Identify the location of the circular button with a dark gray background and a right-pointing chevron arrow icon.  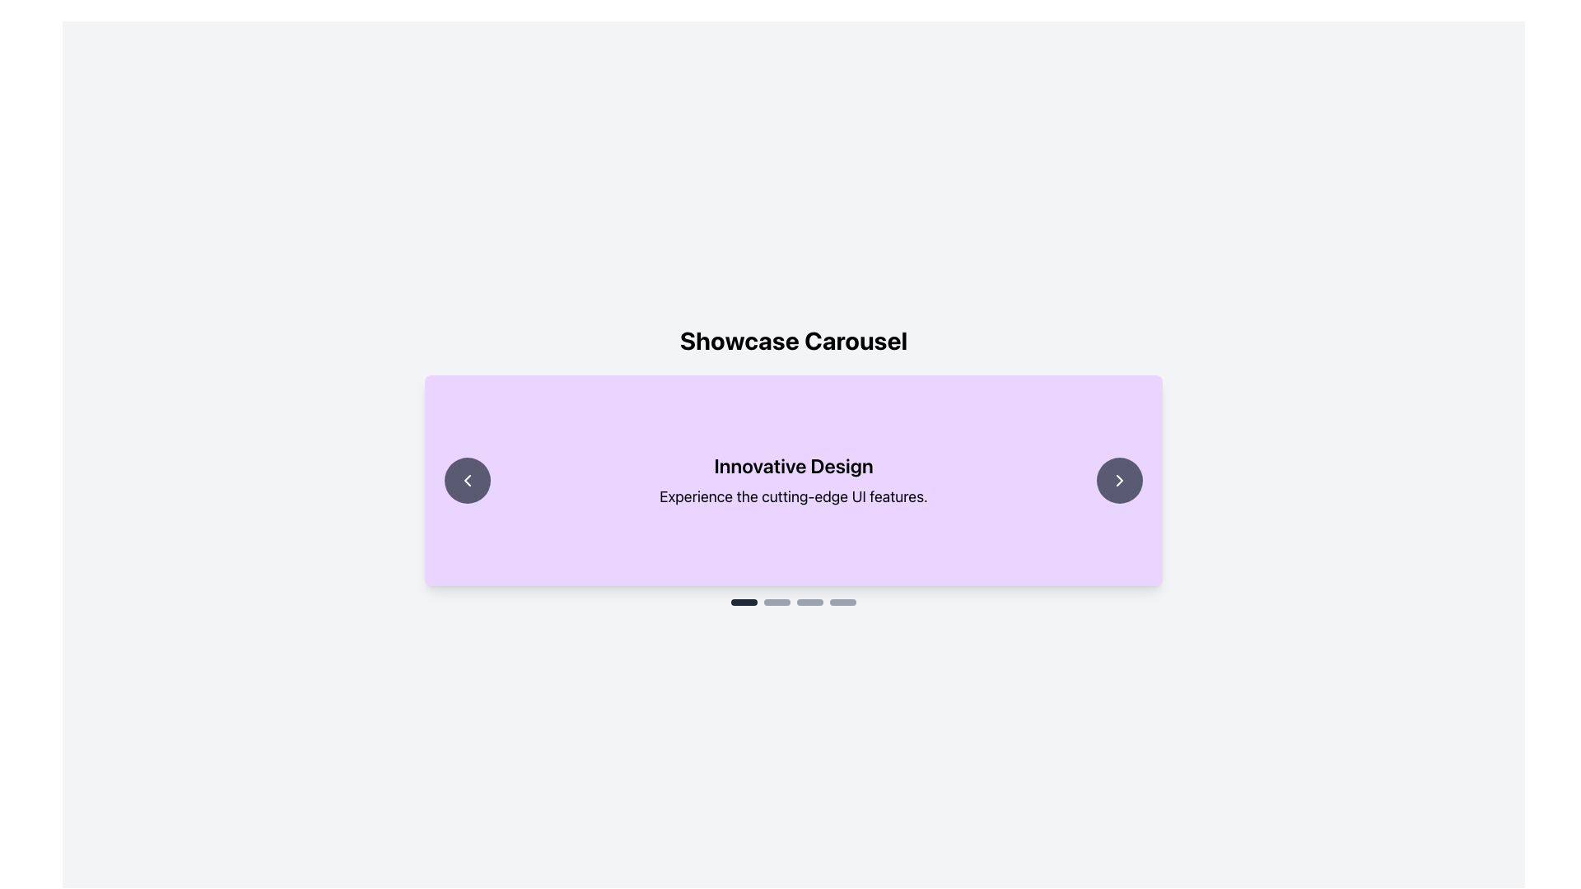
(1119, 480).